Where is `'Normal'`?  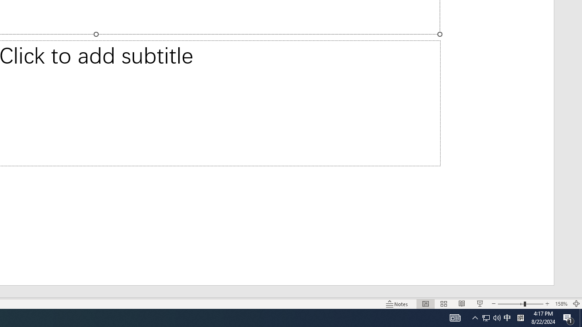 'Normal' is located at coordinates (425, 304).